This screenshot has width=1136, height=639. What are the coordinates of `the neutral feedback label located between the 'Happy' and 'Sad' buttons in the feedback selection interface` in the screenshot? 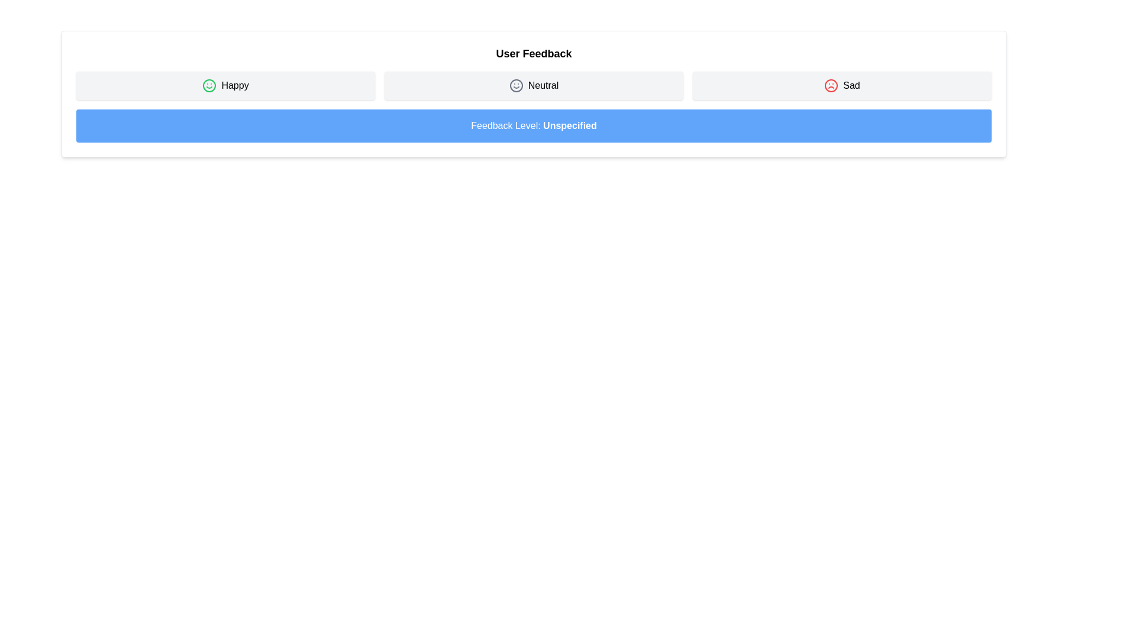 It's located at (543, 85).